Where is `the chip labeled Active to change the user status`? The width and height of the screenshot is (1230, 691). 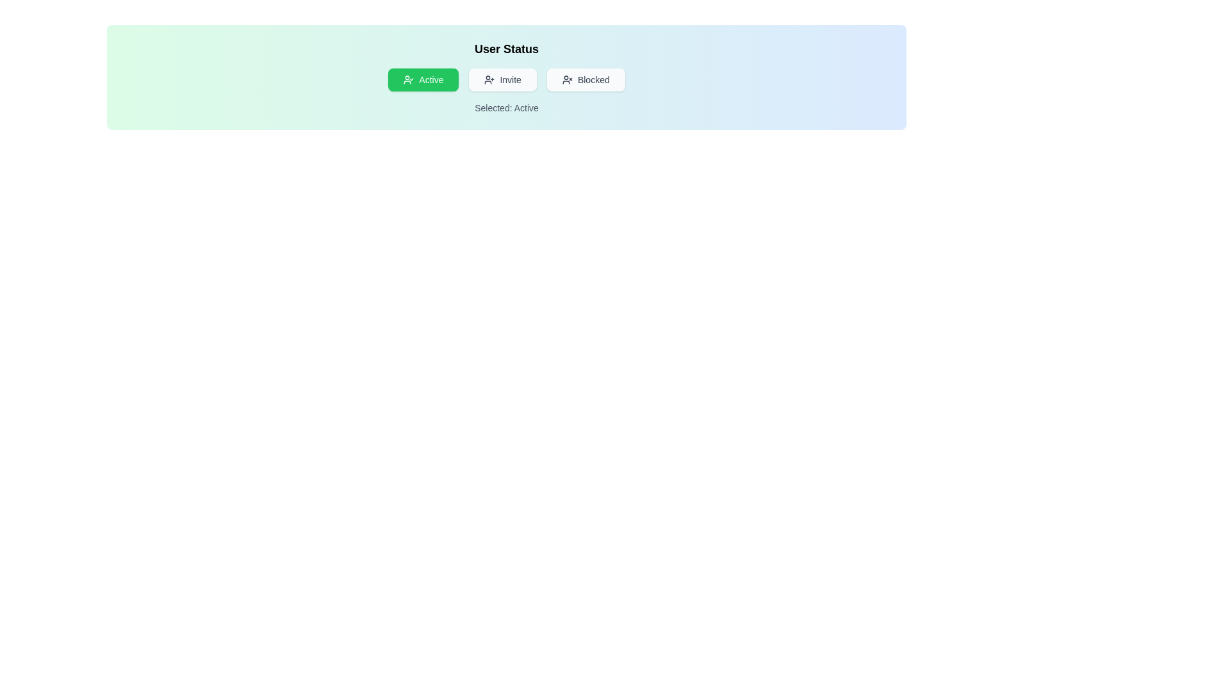 the chip labeled Active to change the user status is located at coordinates (423, 79).